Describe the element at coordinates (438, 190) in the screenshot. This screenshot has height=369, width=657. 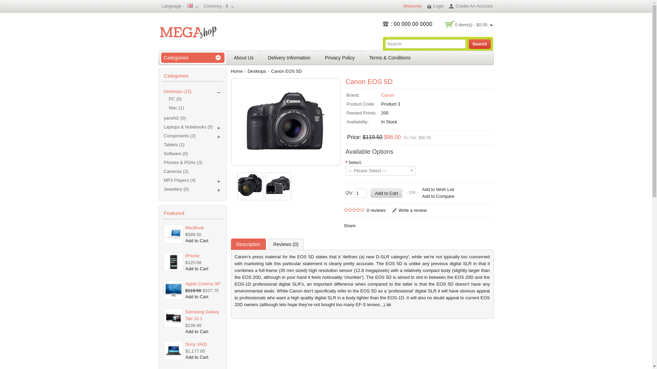
I see `'Add to Wish List'` at that location.